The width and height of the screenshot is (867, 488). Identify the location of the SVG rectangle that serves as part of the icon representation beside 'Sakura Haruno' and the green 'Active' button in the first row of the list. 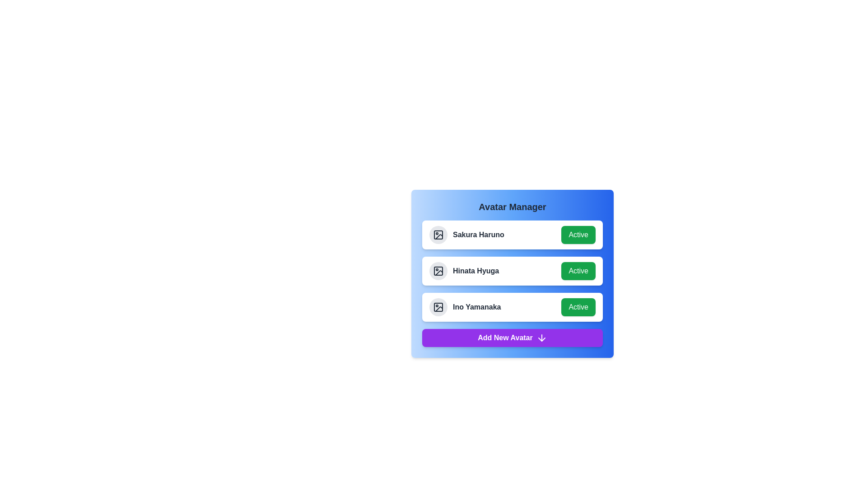
(438, 235).